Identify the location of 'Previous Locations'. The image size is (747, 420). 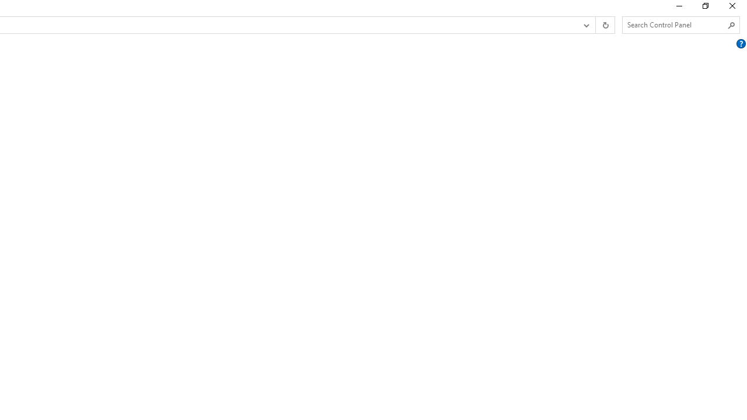
(585, 25).